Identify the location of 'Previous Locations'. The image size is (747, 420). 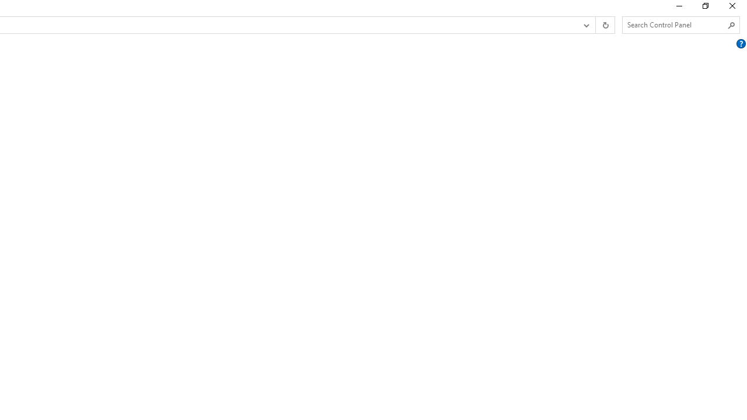
(585, 25).